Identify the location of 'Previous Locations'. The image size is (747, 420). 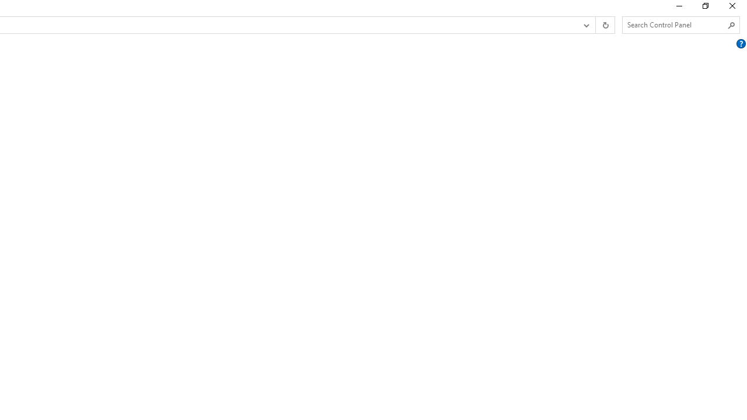
(585, 25).